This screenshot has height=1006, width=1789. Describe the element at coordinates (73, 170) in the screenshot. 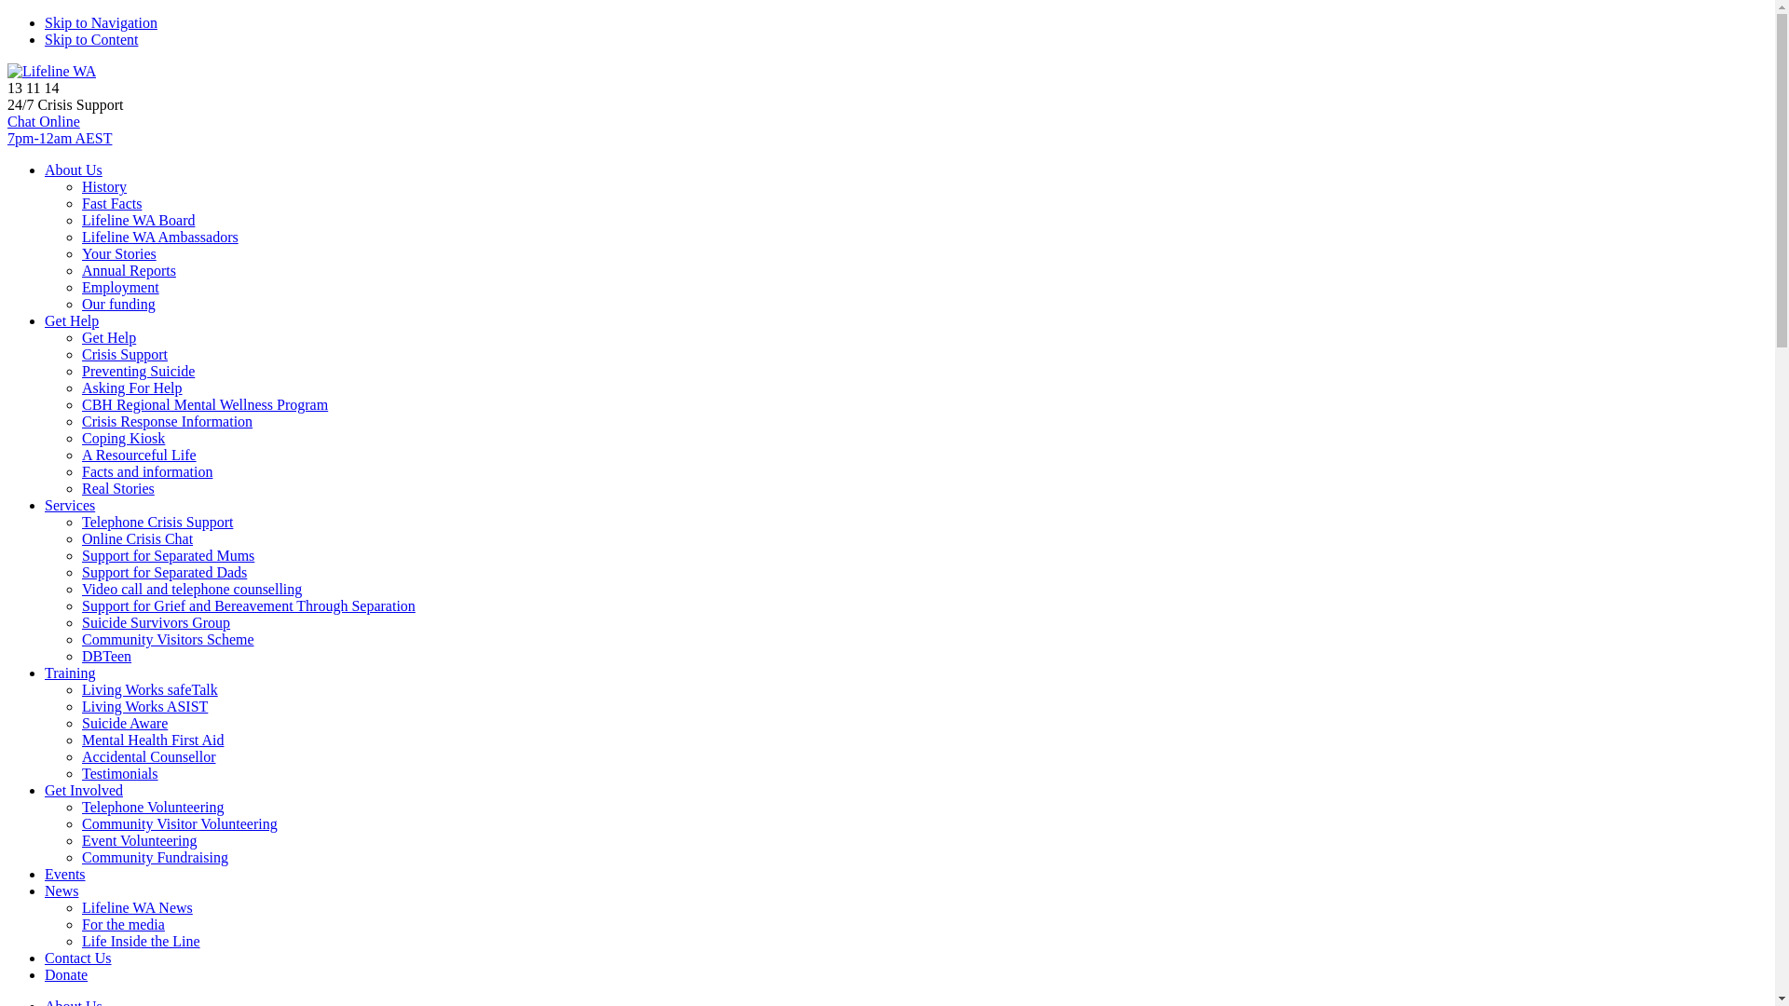

I see `'About Us'` at that location.